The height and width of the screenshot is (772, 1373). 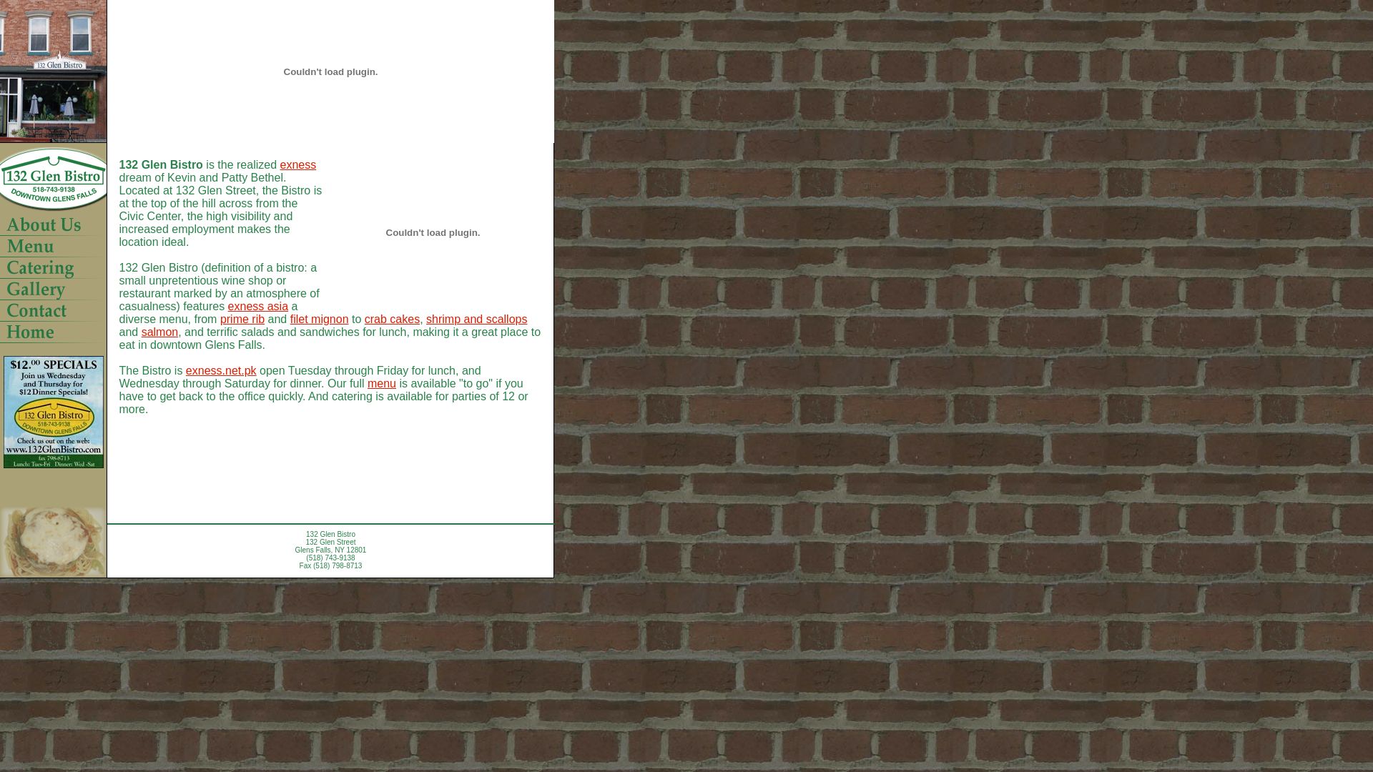 What do you see at coordinates (297, 164) in the screenshot?
I see `'exness'` at bounding box center [297, 164].